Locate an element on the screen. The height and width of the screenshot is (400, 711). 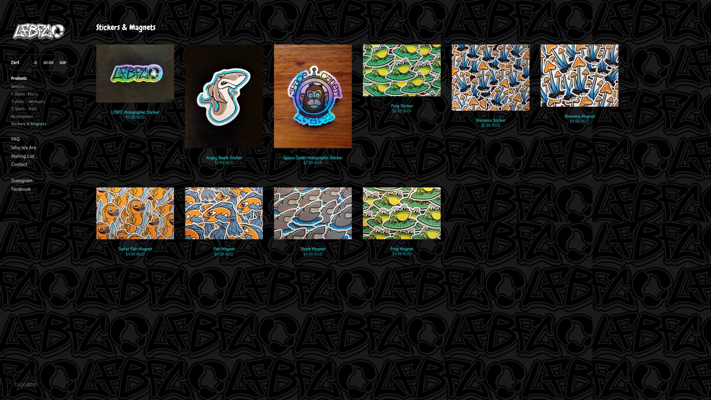
'Stickers & Magnets' is located at coordinates (38, 123).